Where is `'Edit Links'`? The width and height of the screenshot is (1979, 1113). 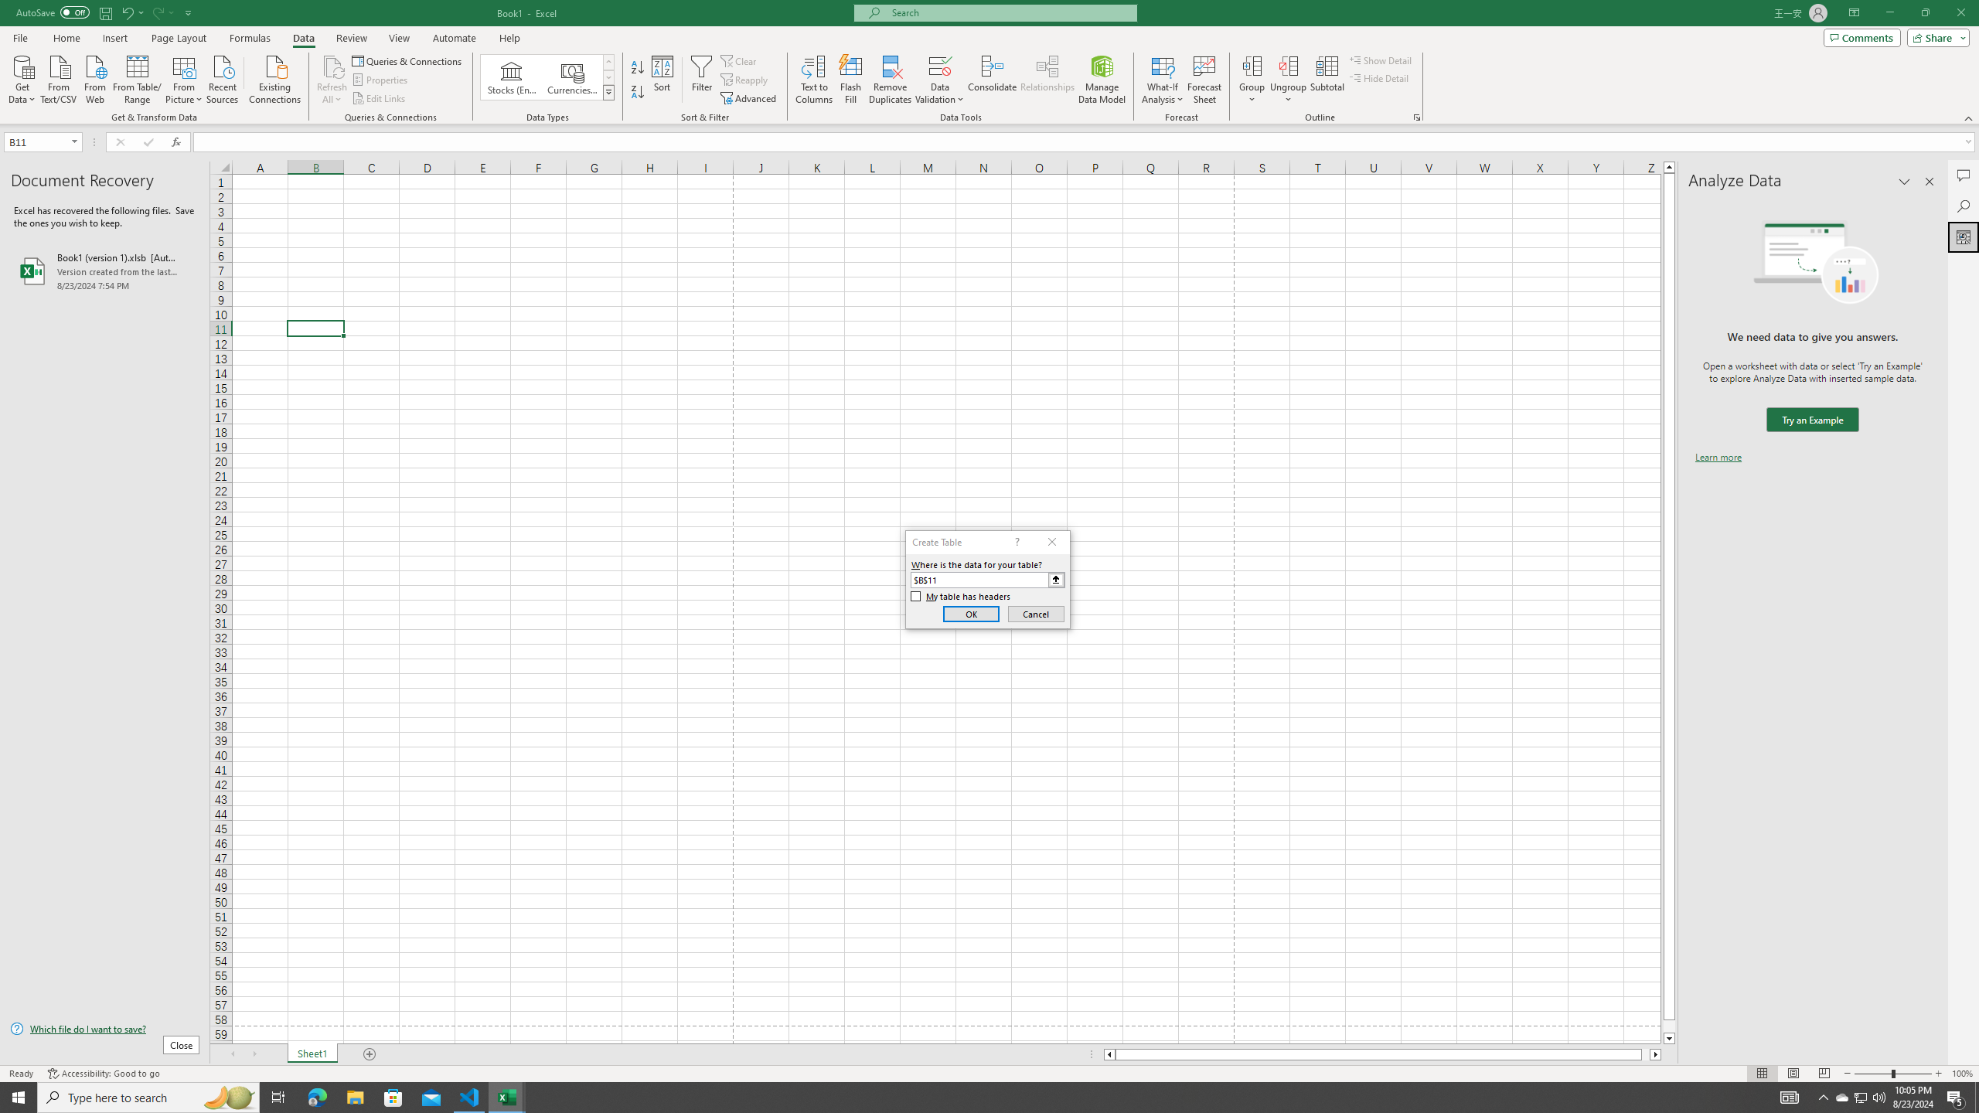 'Edit Links' is located at coordinates (379, 98).